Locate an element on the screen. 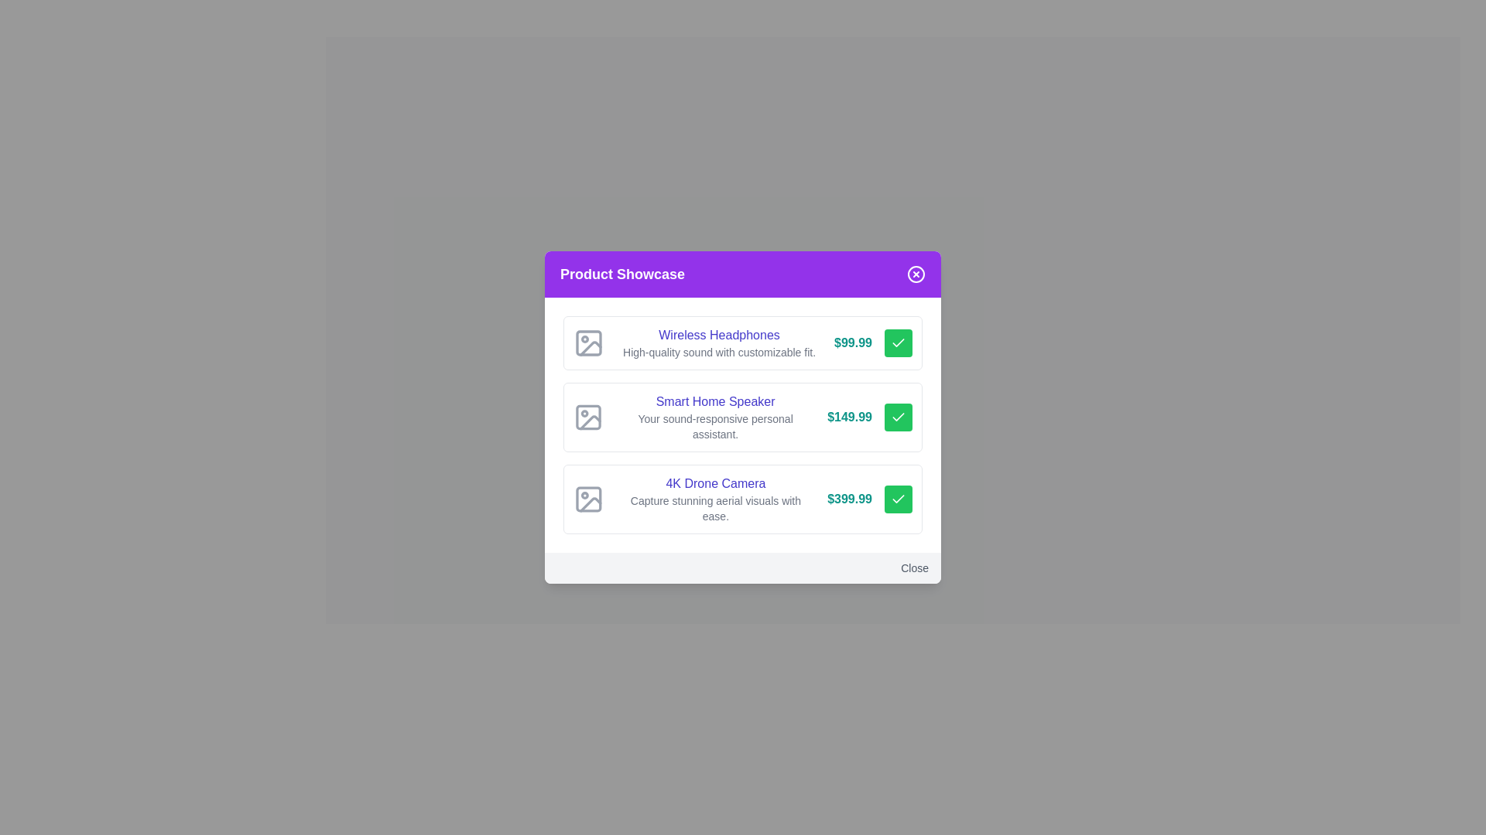  the green button with a white checkmark icon located to the right of the '$99.99' price label for the 'Wireless Headphones' product to confirm the selection is located at coordinates (899, 342).